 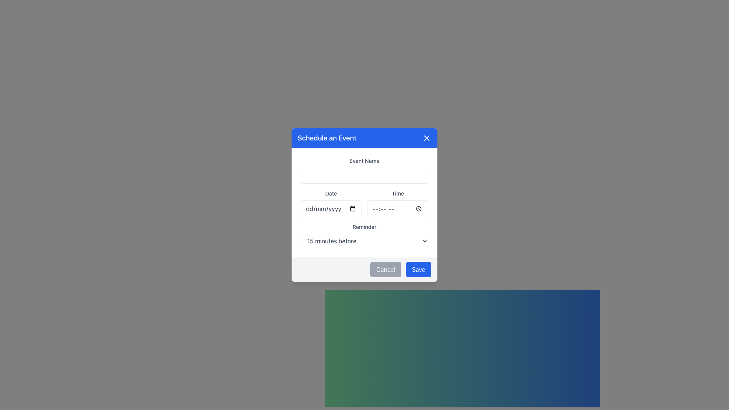 What do you see at coordinates (397, 193) in the screenshot?
I see `the 'Time' text label displayed in small, bold, medium gray font, which is located next to the time input field in the structured form layout` at bounding box center [397, 193].